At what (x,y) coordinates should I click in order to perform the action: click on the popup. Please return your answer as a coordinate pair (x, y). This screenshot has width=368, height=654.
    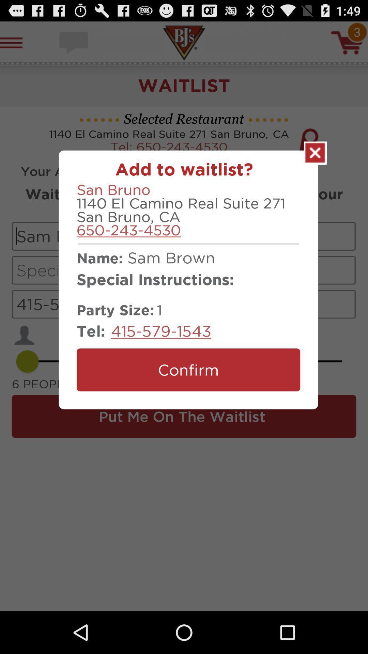
    Looking at the image, I should click on (315, 153).